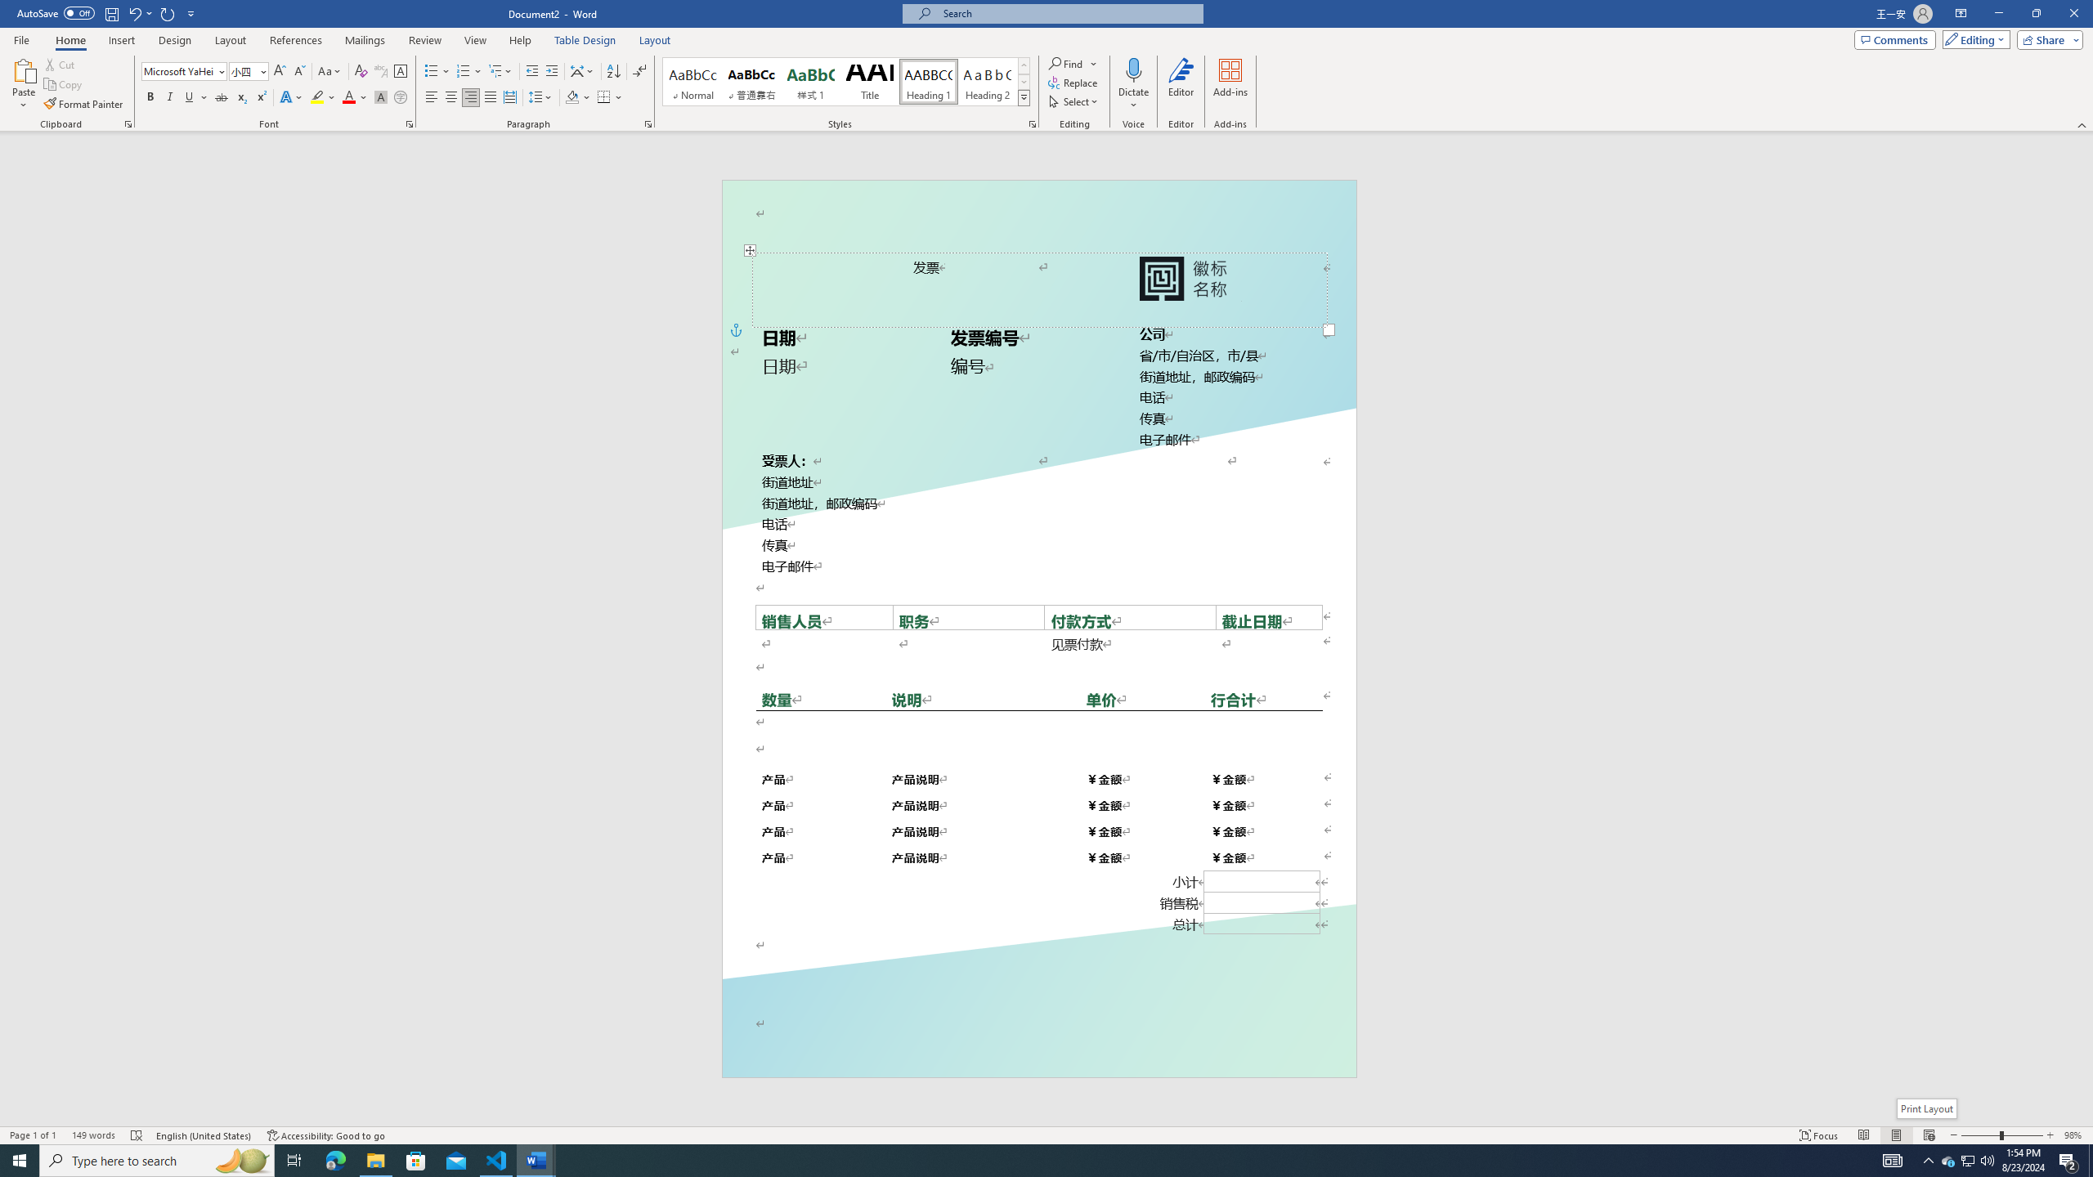 The width and height of the screenshot is (2093, 1177). I want to click on 'Table Design', so click(585, 40).